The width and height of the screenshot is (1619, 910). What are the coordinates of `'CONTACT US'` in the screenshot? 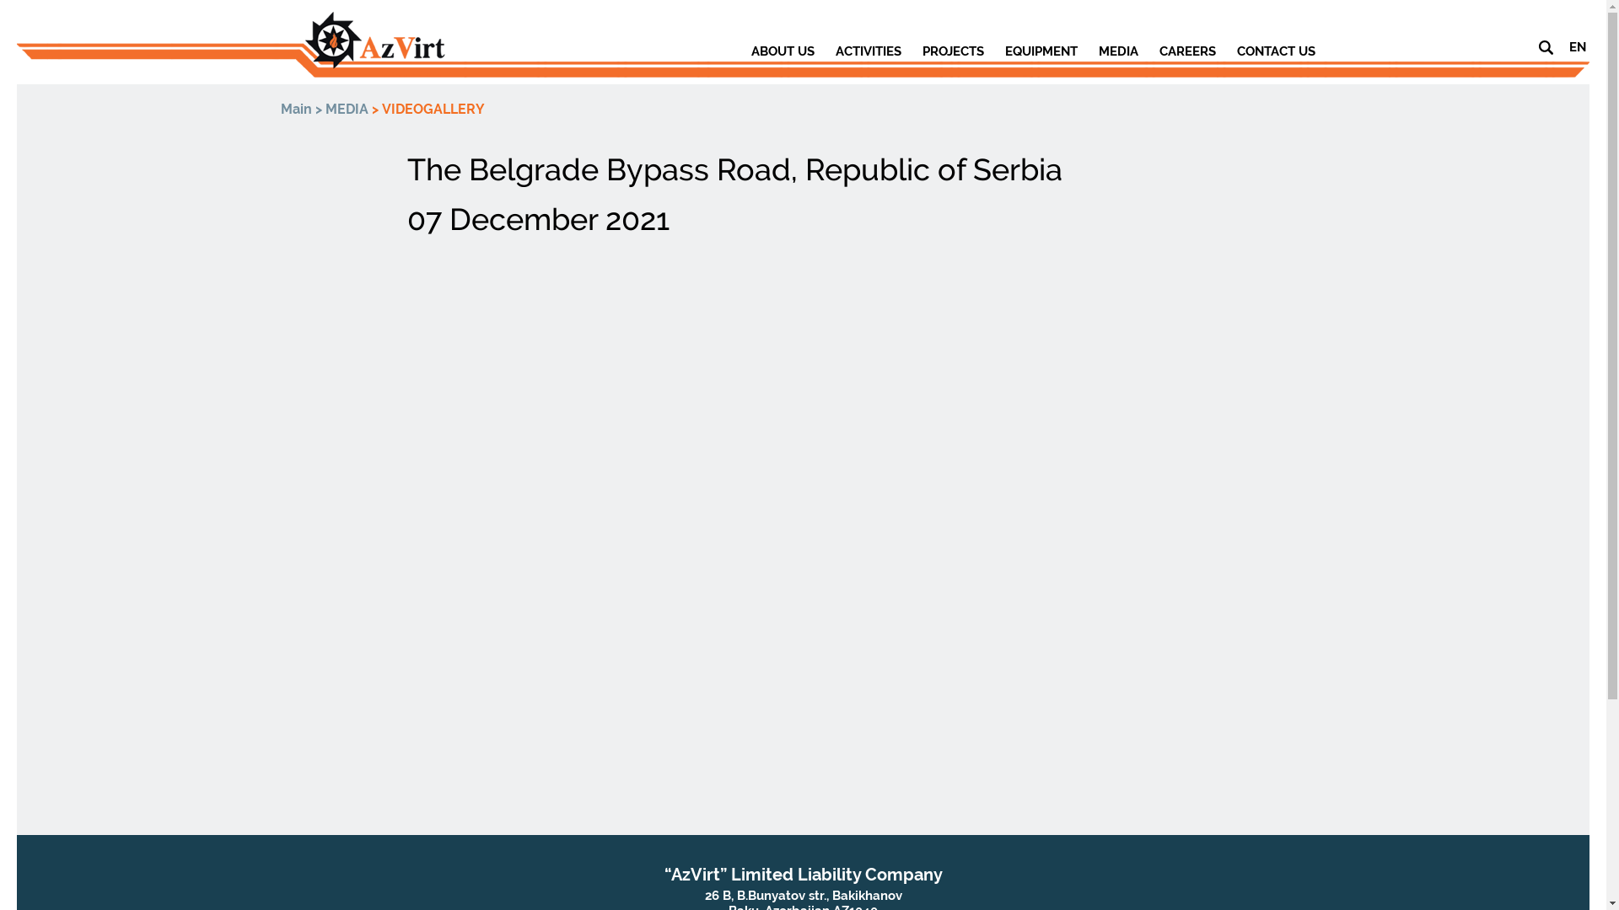 It's located at (1275, 51).